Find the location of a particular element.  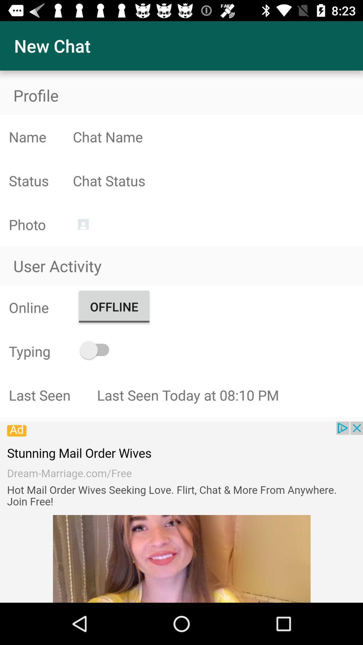

name input box is located at coordinates (218, 136).